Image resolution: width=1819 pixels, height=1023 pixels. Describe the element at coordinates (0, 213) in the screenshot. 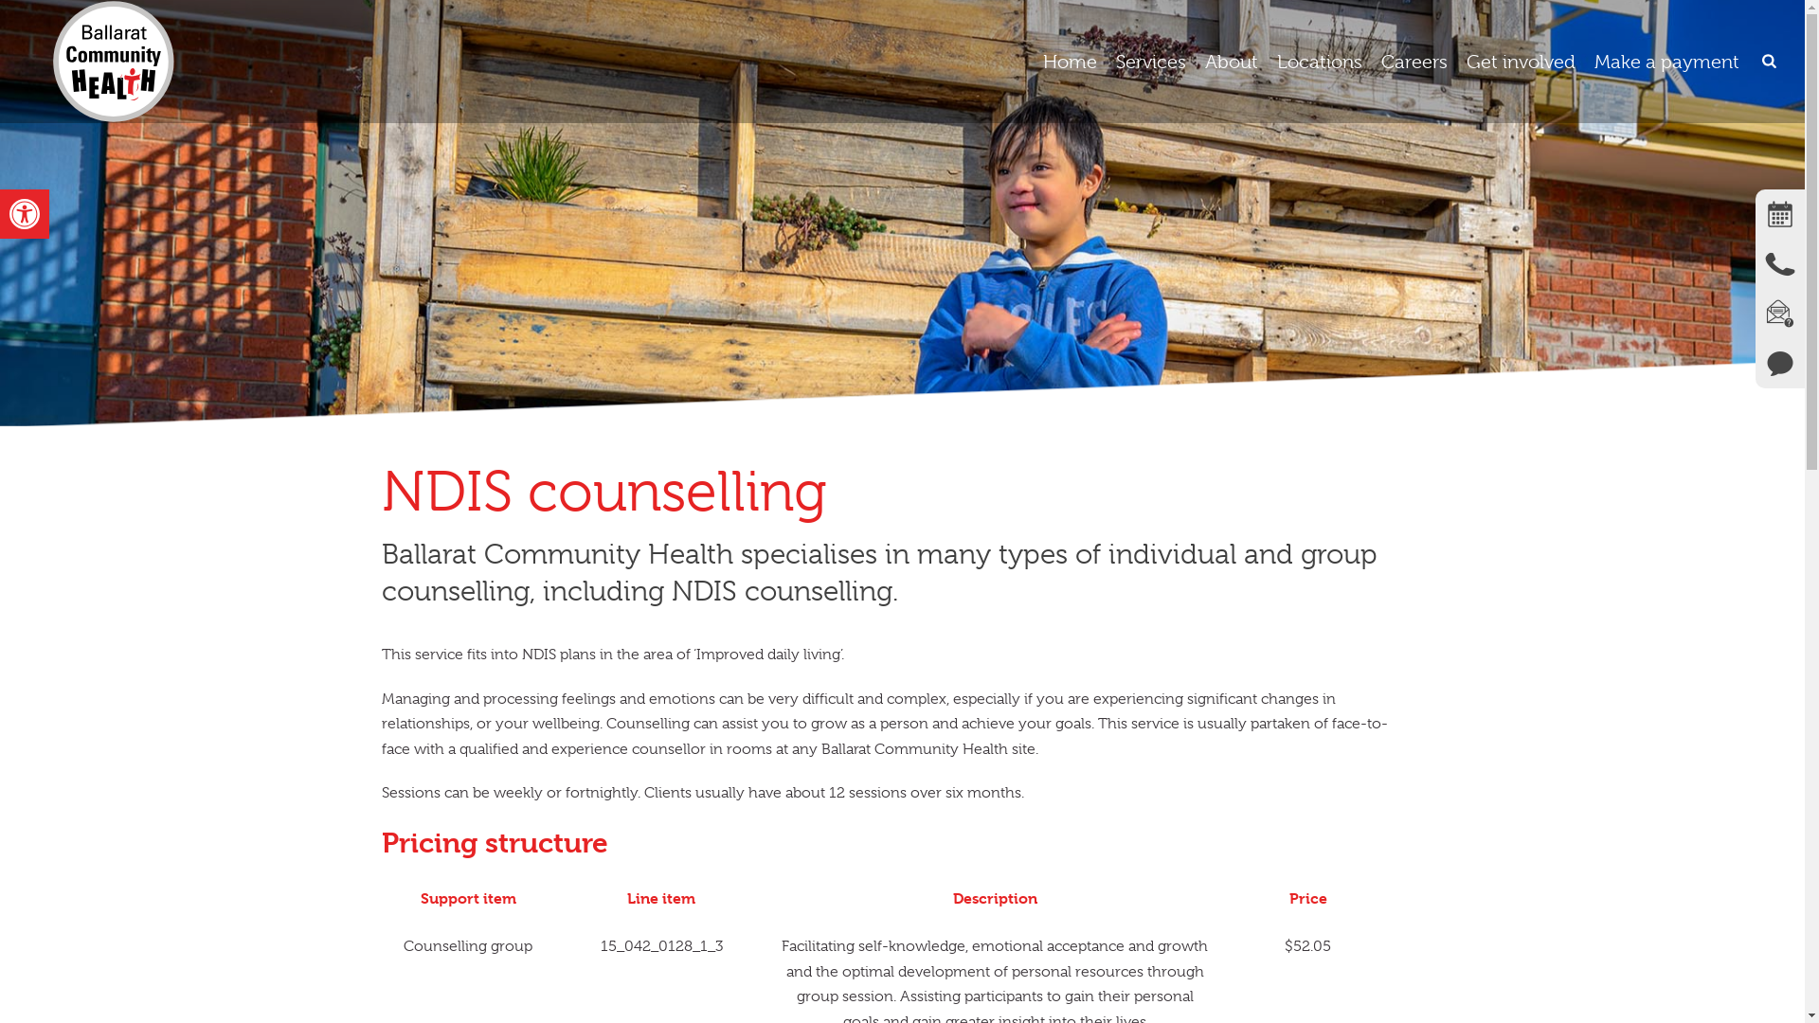

I see `'Open toolbar` at that location.